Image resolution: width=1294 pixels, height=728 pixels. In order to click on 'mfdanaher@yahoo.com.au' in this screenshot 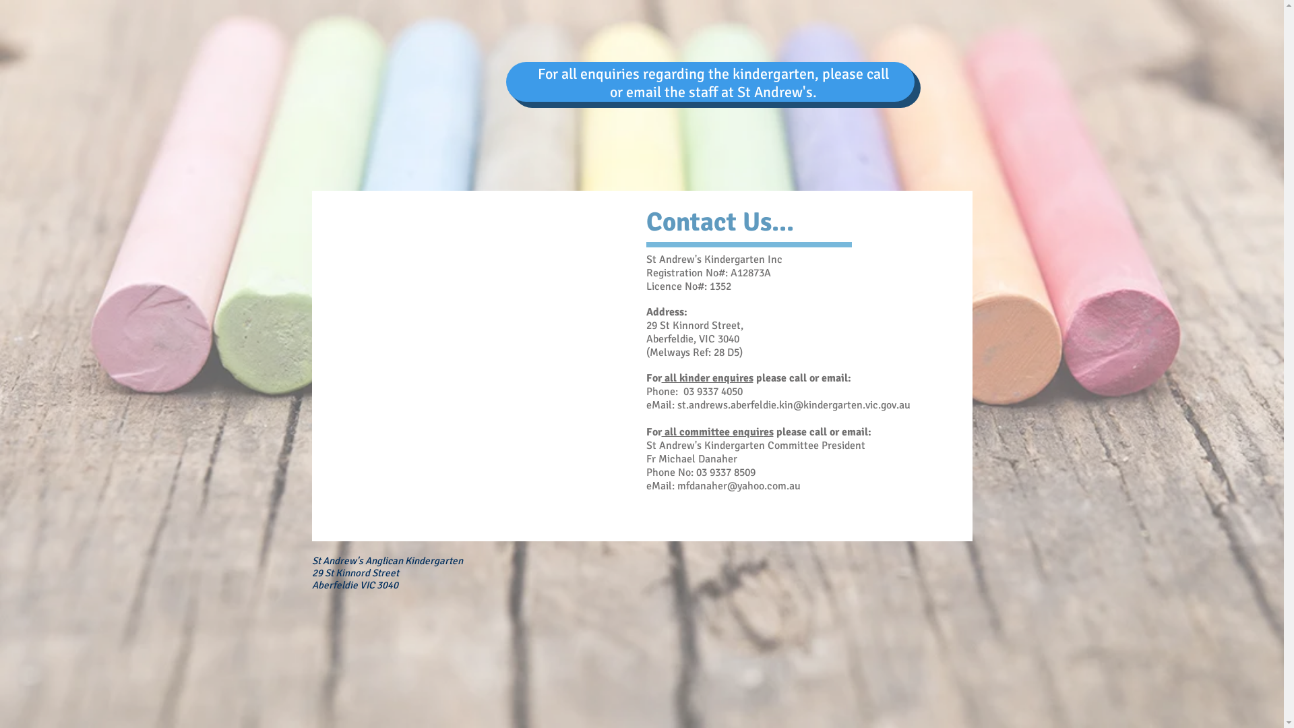, I will do `click(737, 486)`.